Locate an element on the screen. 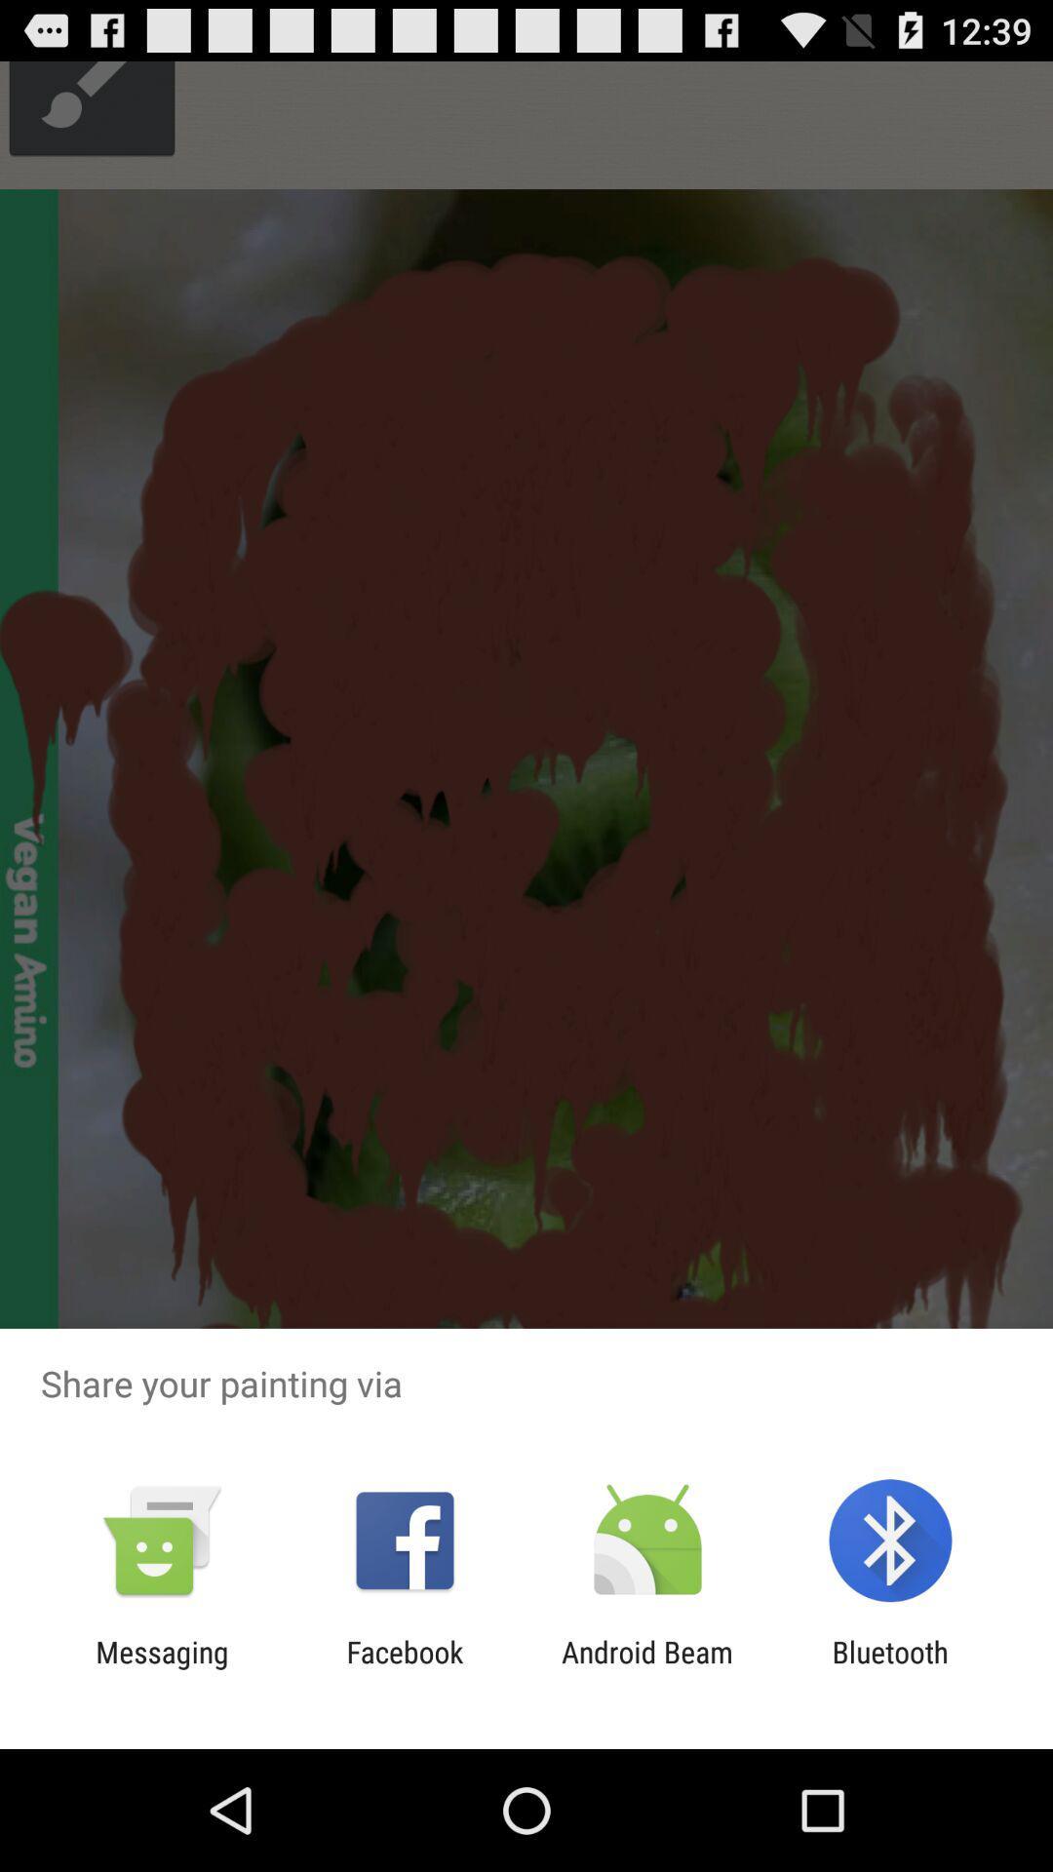 The image size is (1053, 1872). icon next to the android beam is located at coordinates (404, 1668).